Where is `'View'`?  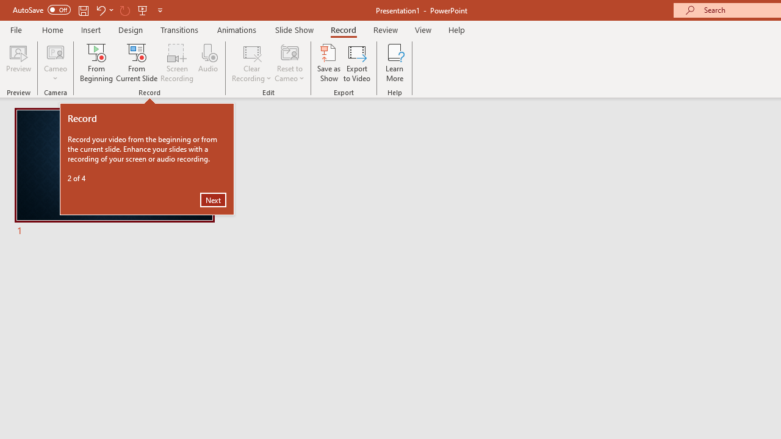
'View' is located at coordinates (423, 29).